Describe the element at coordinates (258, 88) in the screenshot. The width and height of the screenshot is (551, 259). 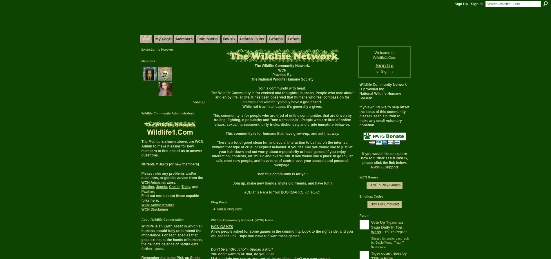
I see `'Join a community with heart.'` at that location.